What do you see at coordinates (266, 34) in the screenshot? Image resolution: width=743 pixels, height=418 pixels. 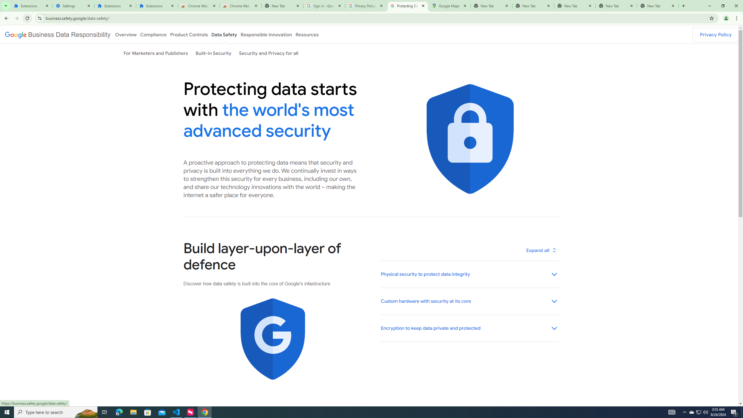 I see `'Responsible Innovation'` at bounding box center [266, 34].